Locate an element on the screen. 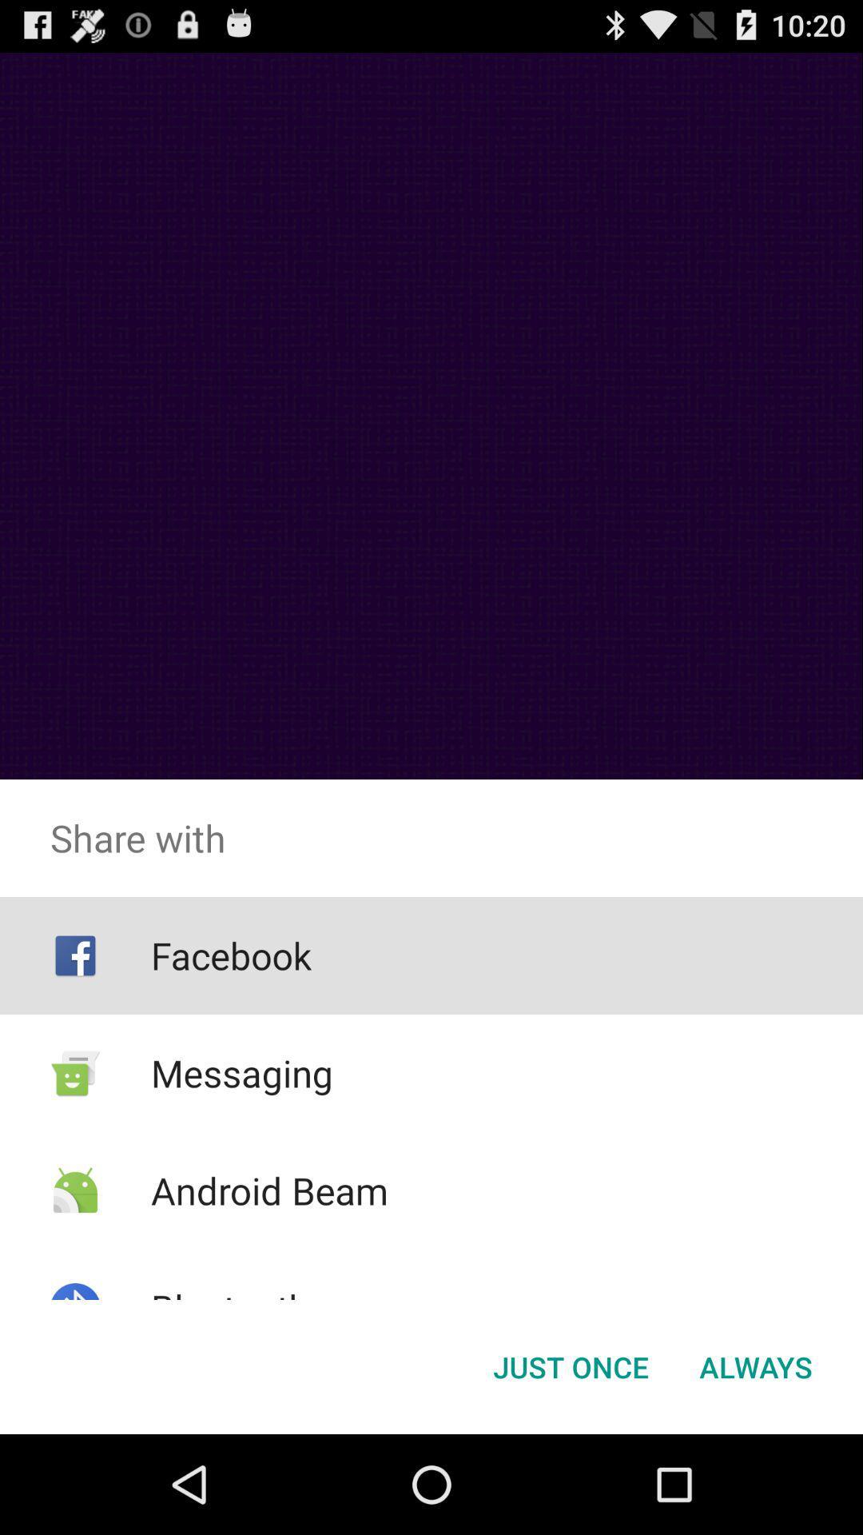  the item below share with is located at coordinates (231, 955).